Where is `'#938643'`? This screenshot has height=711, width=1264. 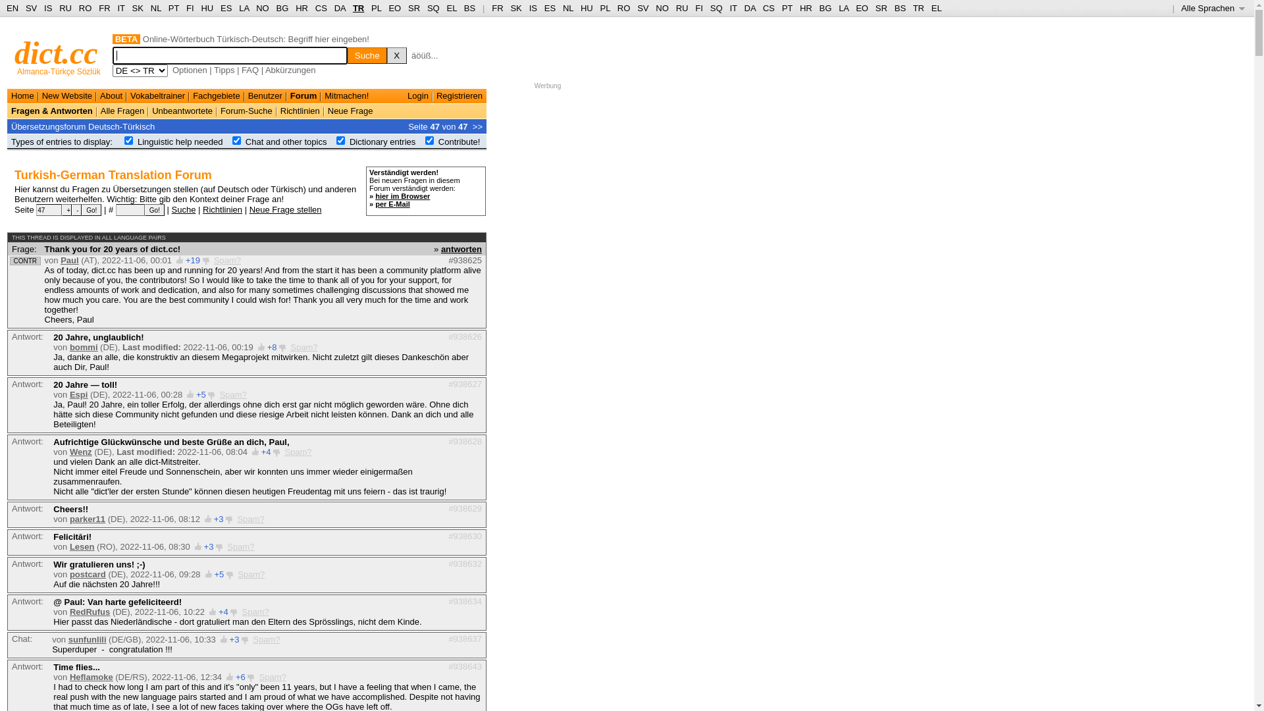 '#938643' is located at coordinates (465, 666).